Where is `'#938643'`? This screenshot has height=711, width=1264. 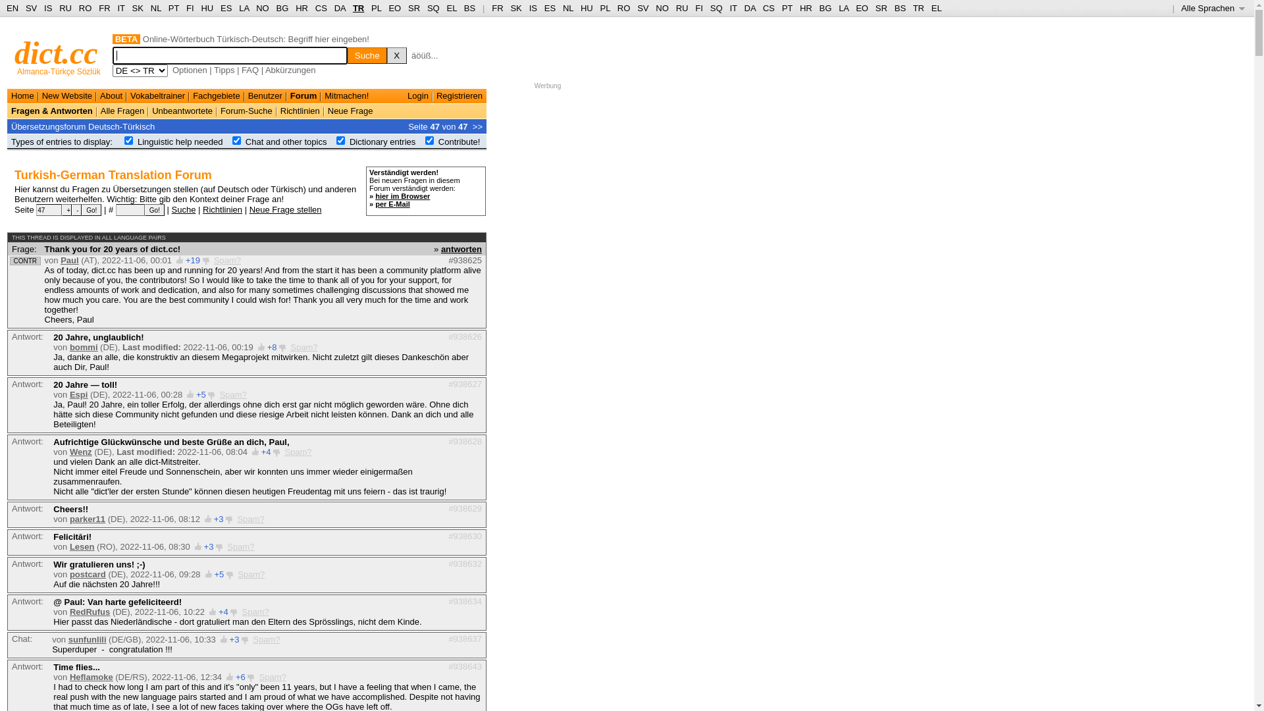 '#938643' is located at coordinates (465, 666).